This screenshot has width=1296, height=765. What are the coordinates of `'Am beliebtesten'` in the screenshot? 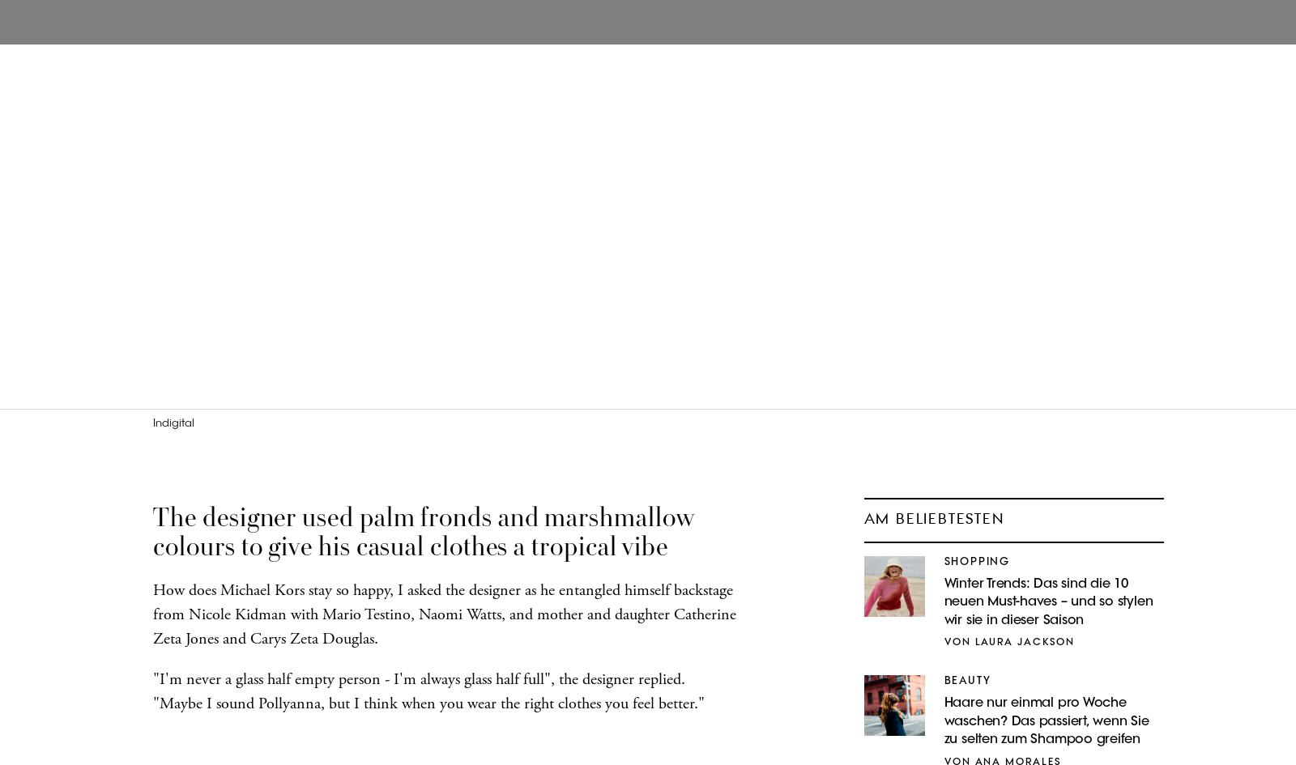 It's located at (933, 518).